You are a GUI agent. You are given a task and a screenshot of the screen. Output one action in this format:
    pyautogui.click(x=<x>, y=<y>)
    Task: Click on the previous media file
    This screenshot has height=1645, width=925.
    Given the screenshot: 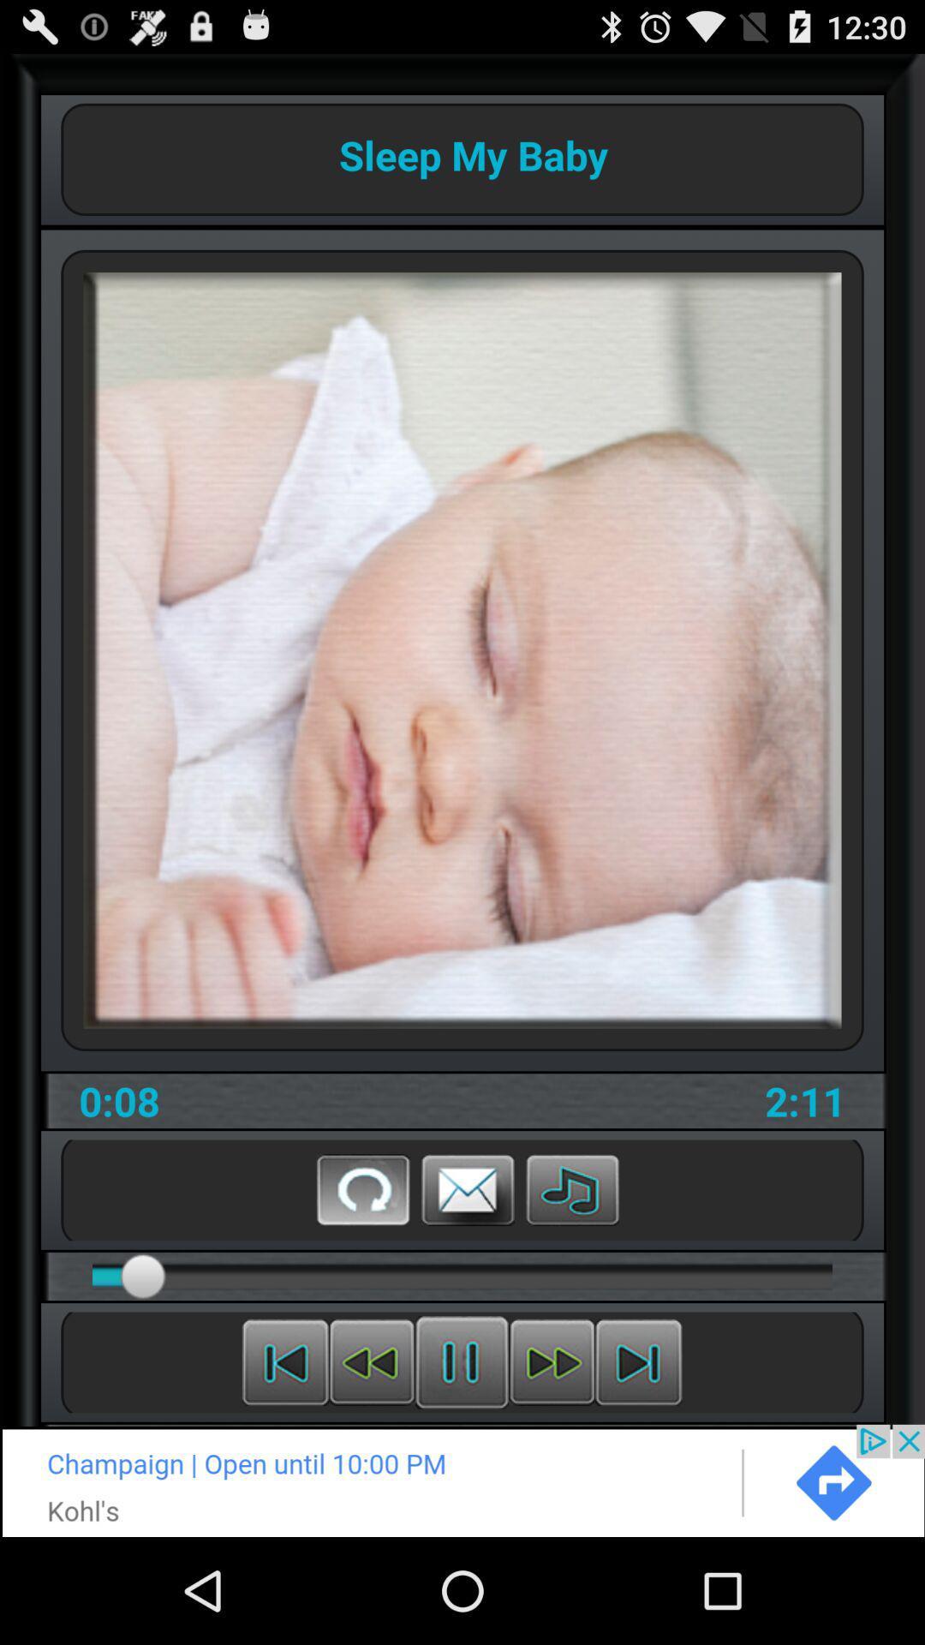 What is the action you would take?
    pyautogui.click(x=284, y=1361)
    